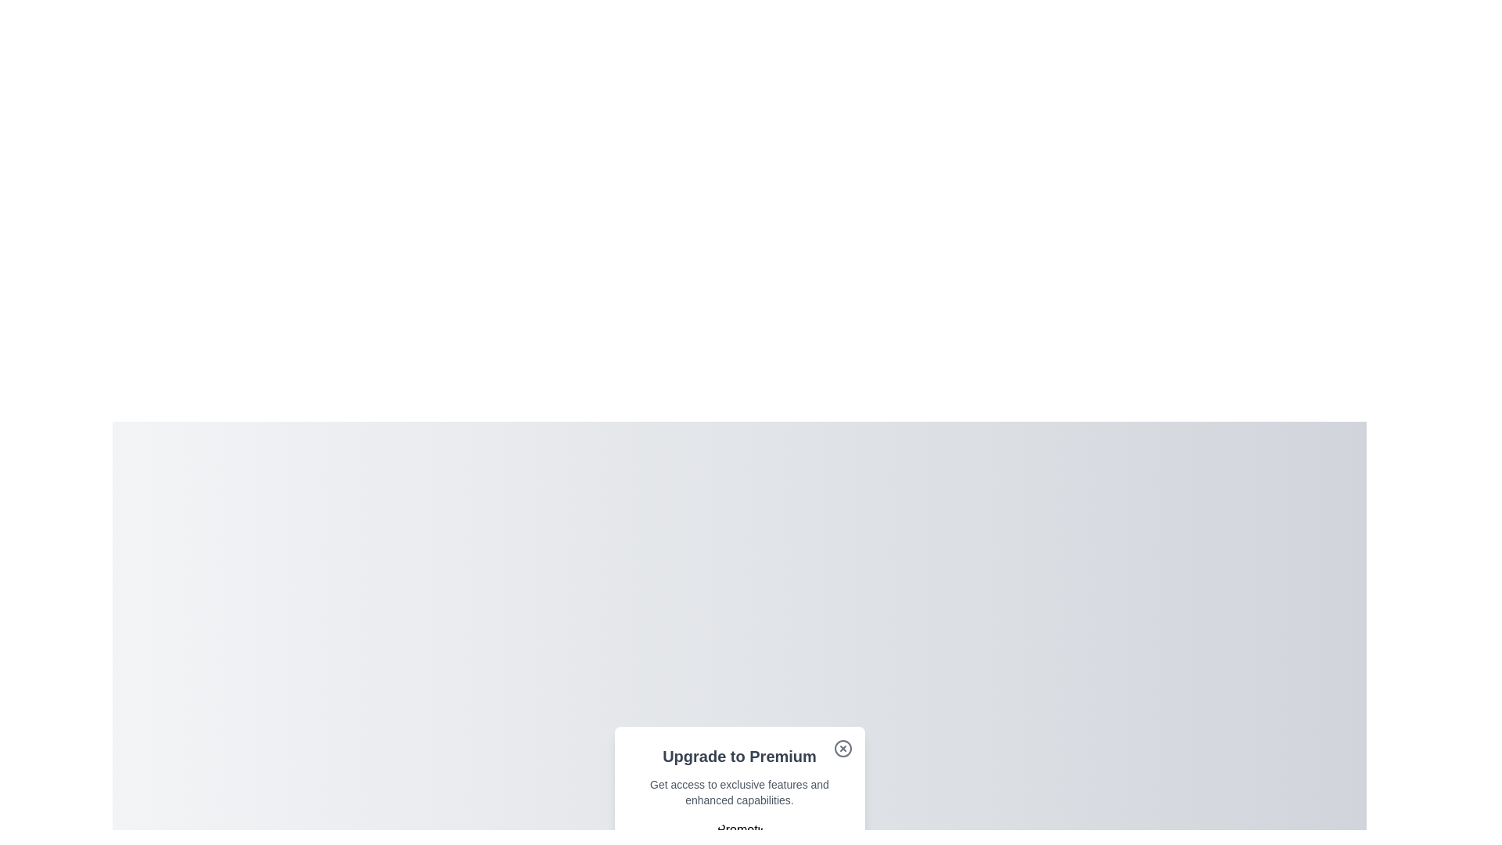 This screenshot has width=1502, height=845. I want to click on 'X' button at the top-right corner of the dialog to close it, so click(842, 747).